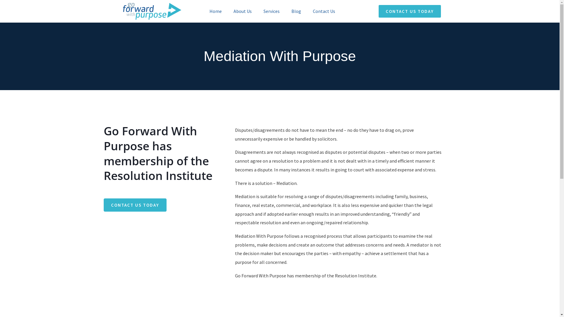 The image size is (564, 317). What do you see at coordinates (285, 11) in the screenshot?
I see `'Blog'` at bounding box center [285, 11].